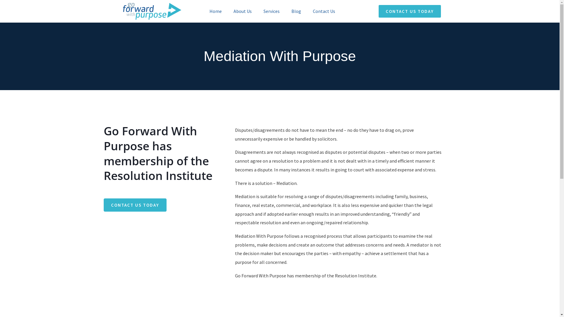 The image size is (564, 317). What do you see at coordinates (285, 11) in the screenshot?
I see `'Blog'` at bounding box center [285, 11].